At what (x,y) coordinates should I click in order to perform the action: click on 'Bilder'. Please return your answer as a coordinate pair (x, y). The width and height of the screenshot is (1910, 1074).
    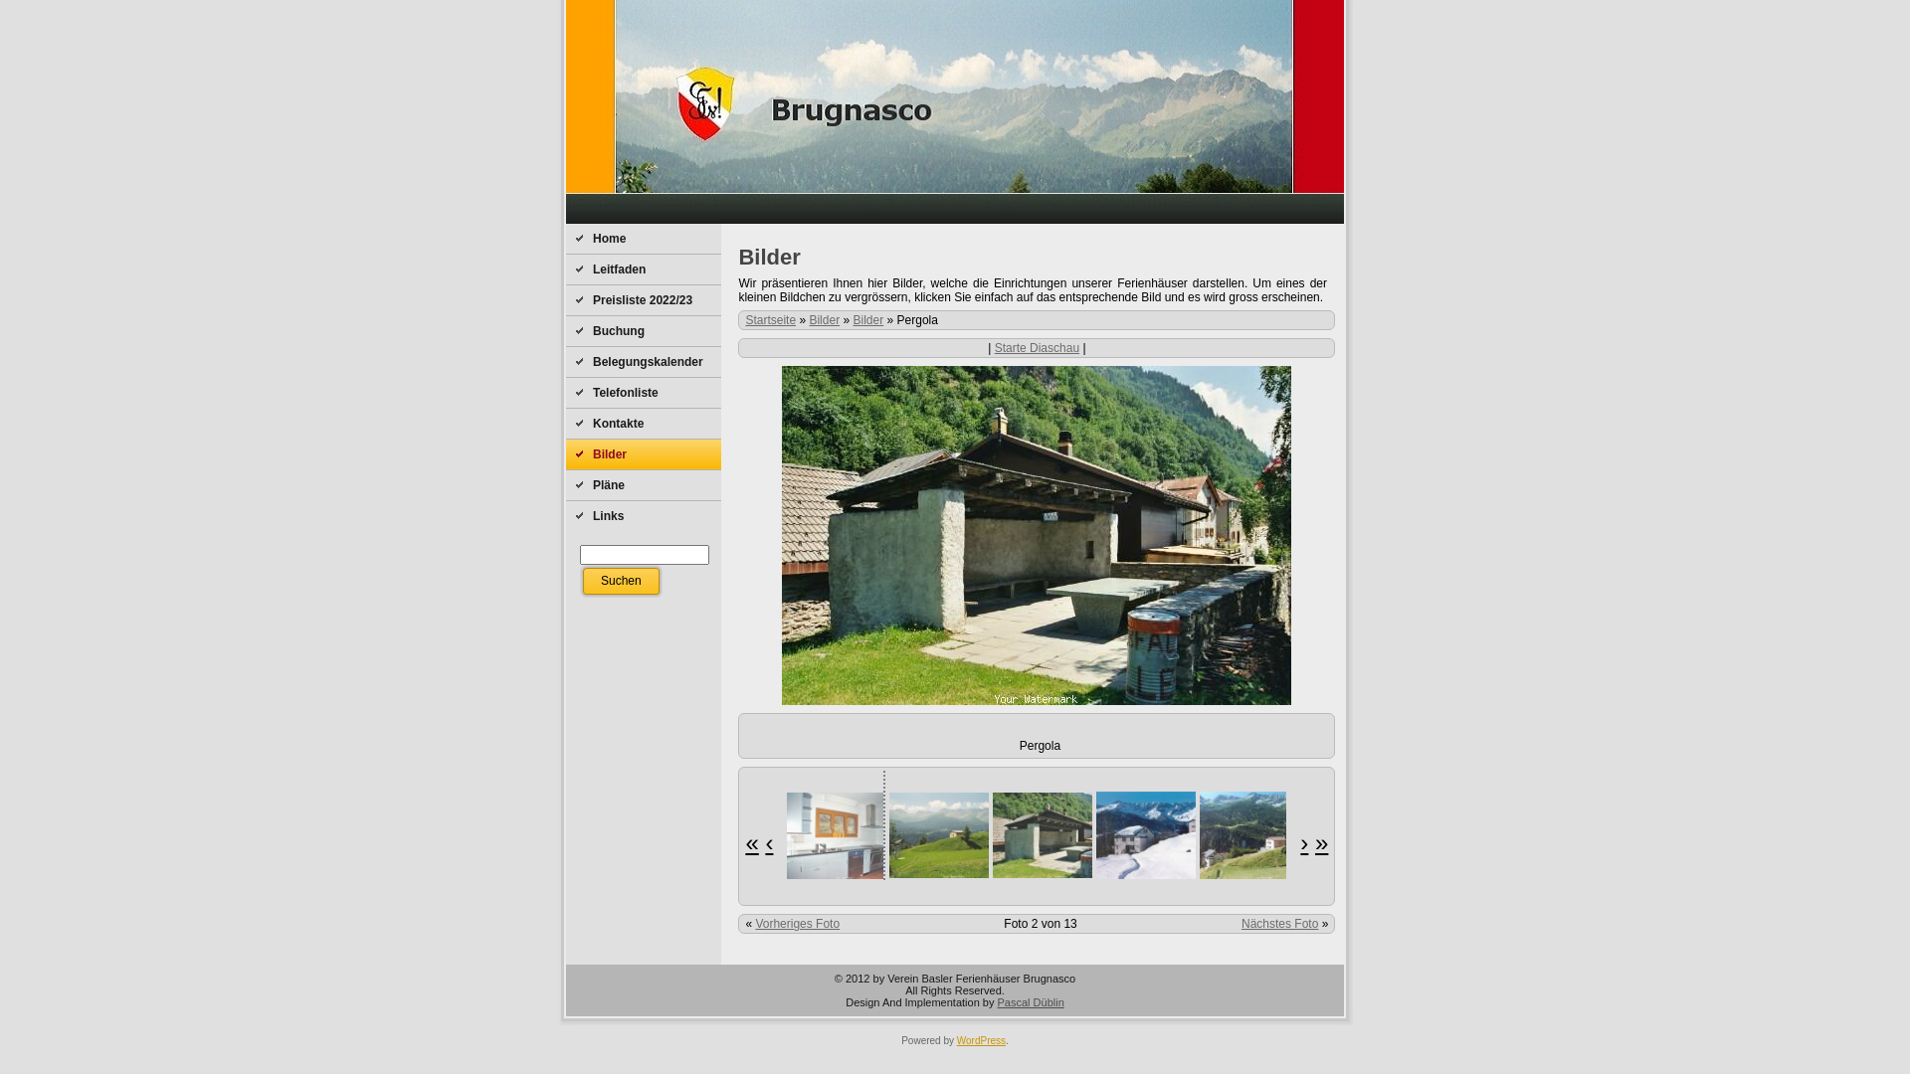
    Looking at the image, I should click on (824, 318).